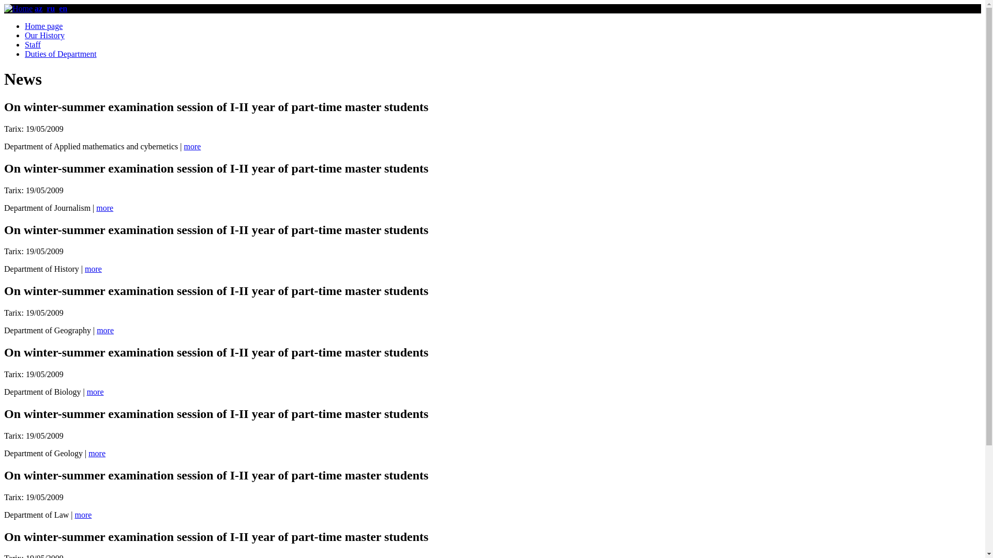  What do you see at coordinates (44, 35) in the screenshot?
I see `'Our History'` at bounding box center [44, 35].